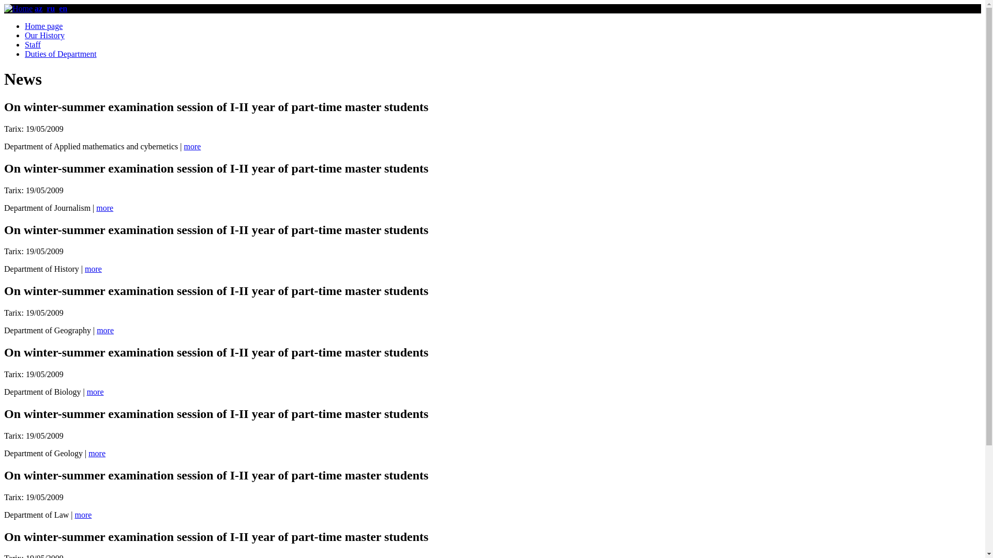  What do you see at coordinates (44, 35) in the screenshot?
I see `'Our History'` at bounding box center [44, 35].